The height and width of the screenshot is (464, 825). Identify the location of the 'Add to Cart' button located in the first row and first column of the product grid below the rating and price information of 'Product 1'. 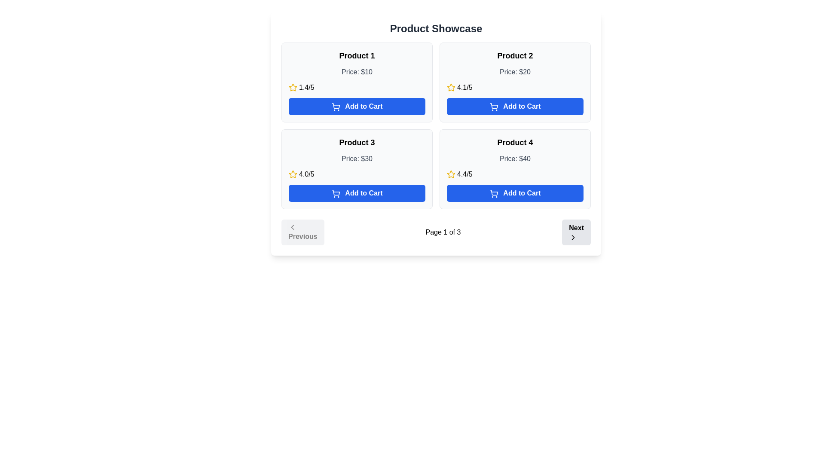
(357, 106).